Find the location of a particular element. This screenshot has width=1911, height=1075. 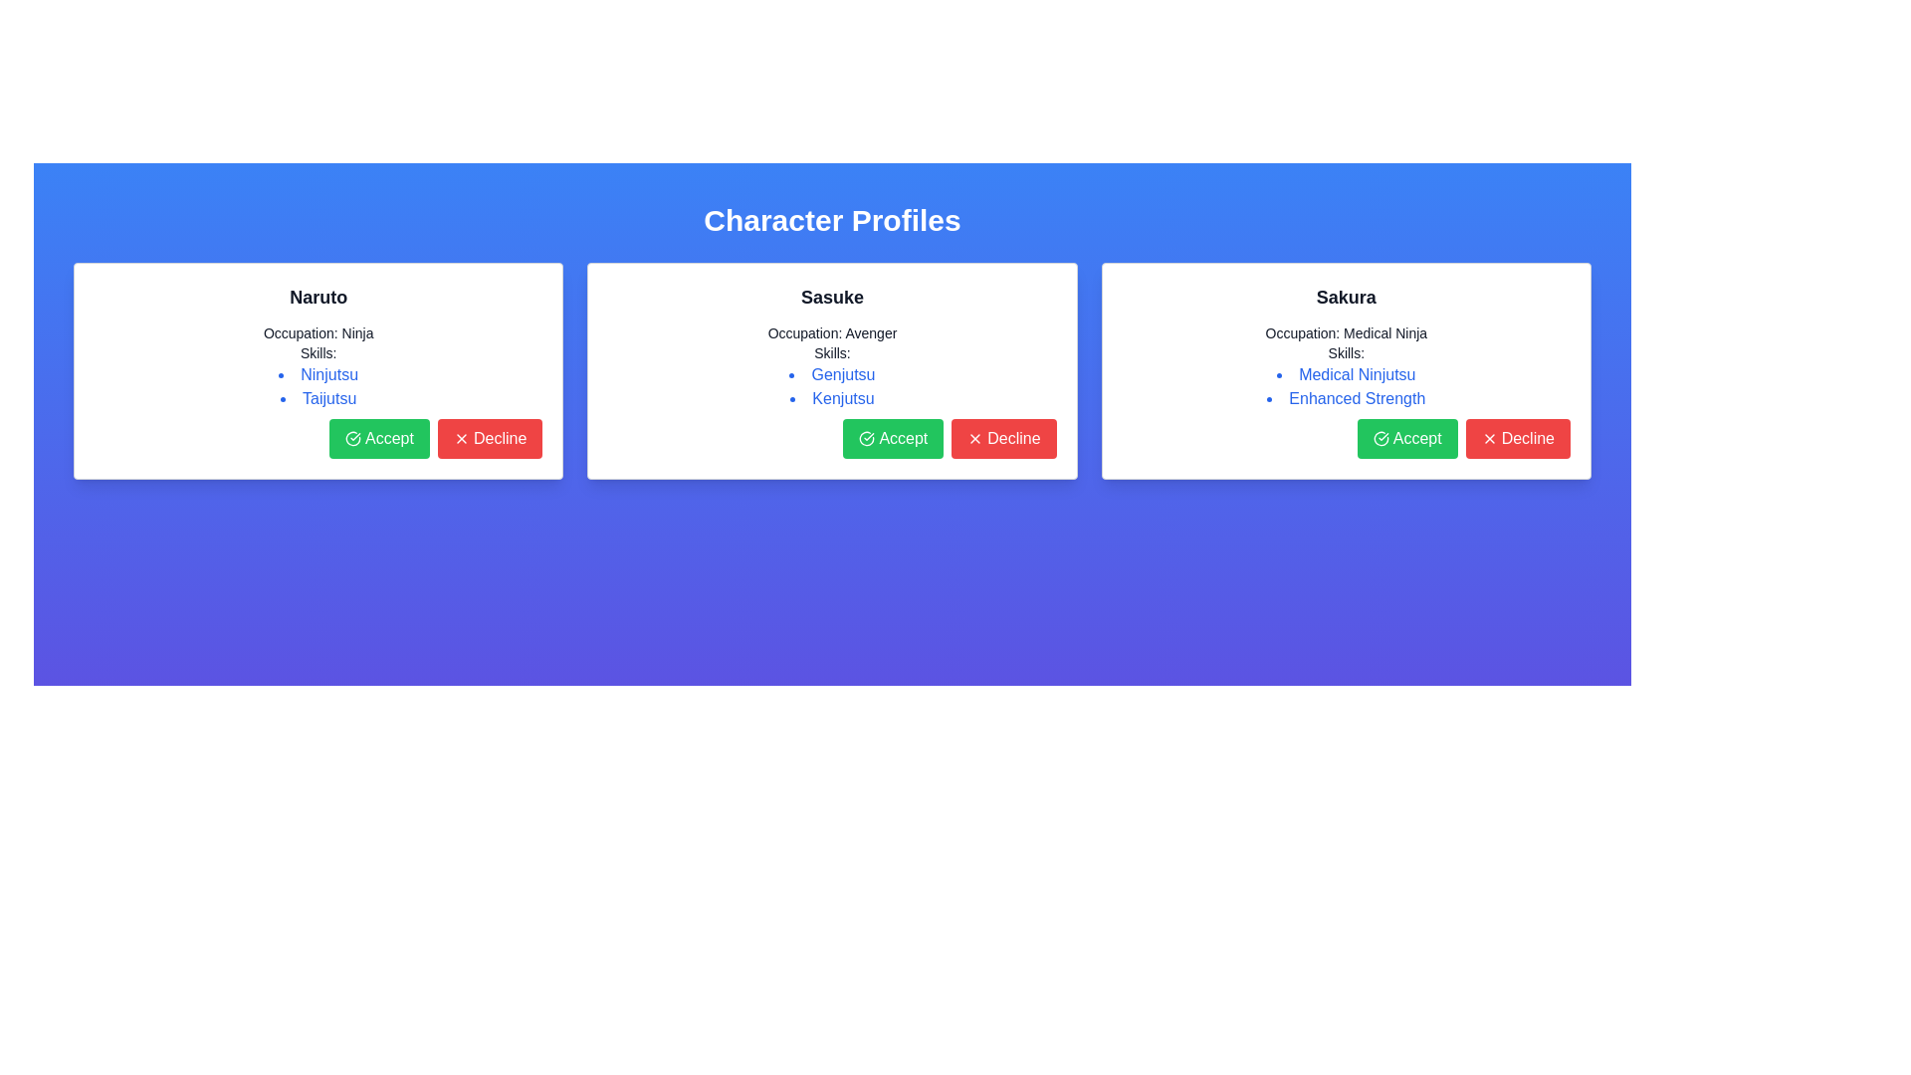

the icon located to the left of the 'Accept' text within the green 'Accept' button at the bottom-left corner of the 'Naruto' card is located at coordinates (353, 437).